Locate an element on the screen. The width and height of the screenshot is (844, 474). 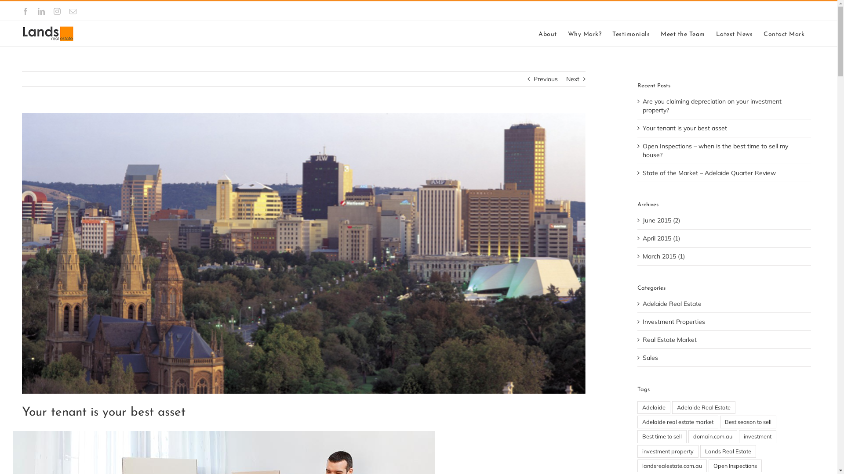
'Email' is located at coordinates (73, 11).